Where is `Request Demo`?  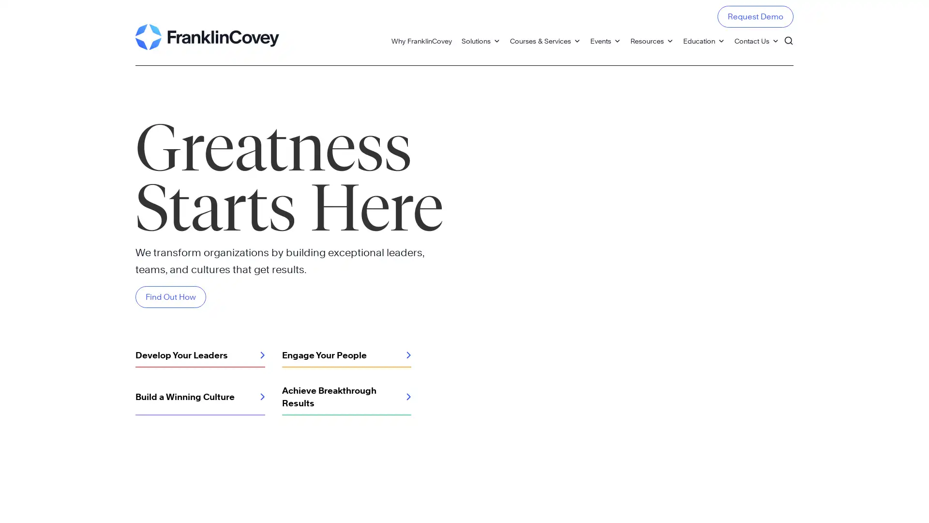 Request Demo is located at coordinates (755, 16).